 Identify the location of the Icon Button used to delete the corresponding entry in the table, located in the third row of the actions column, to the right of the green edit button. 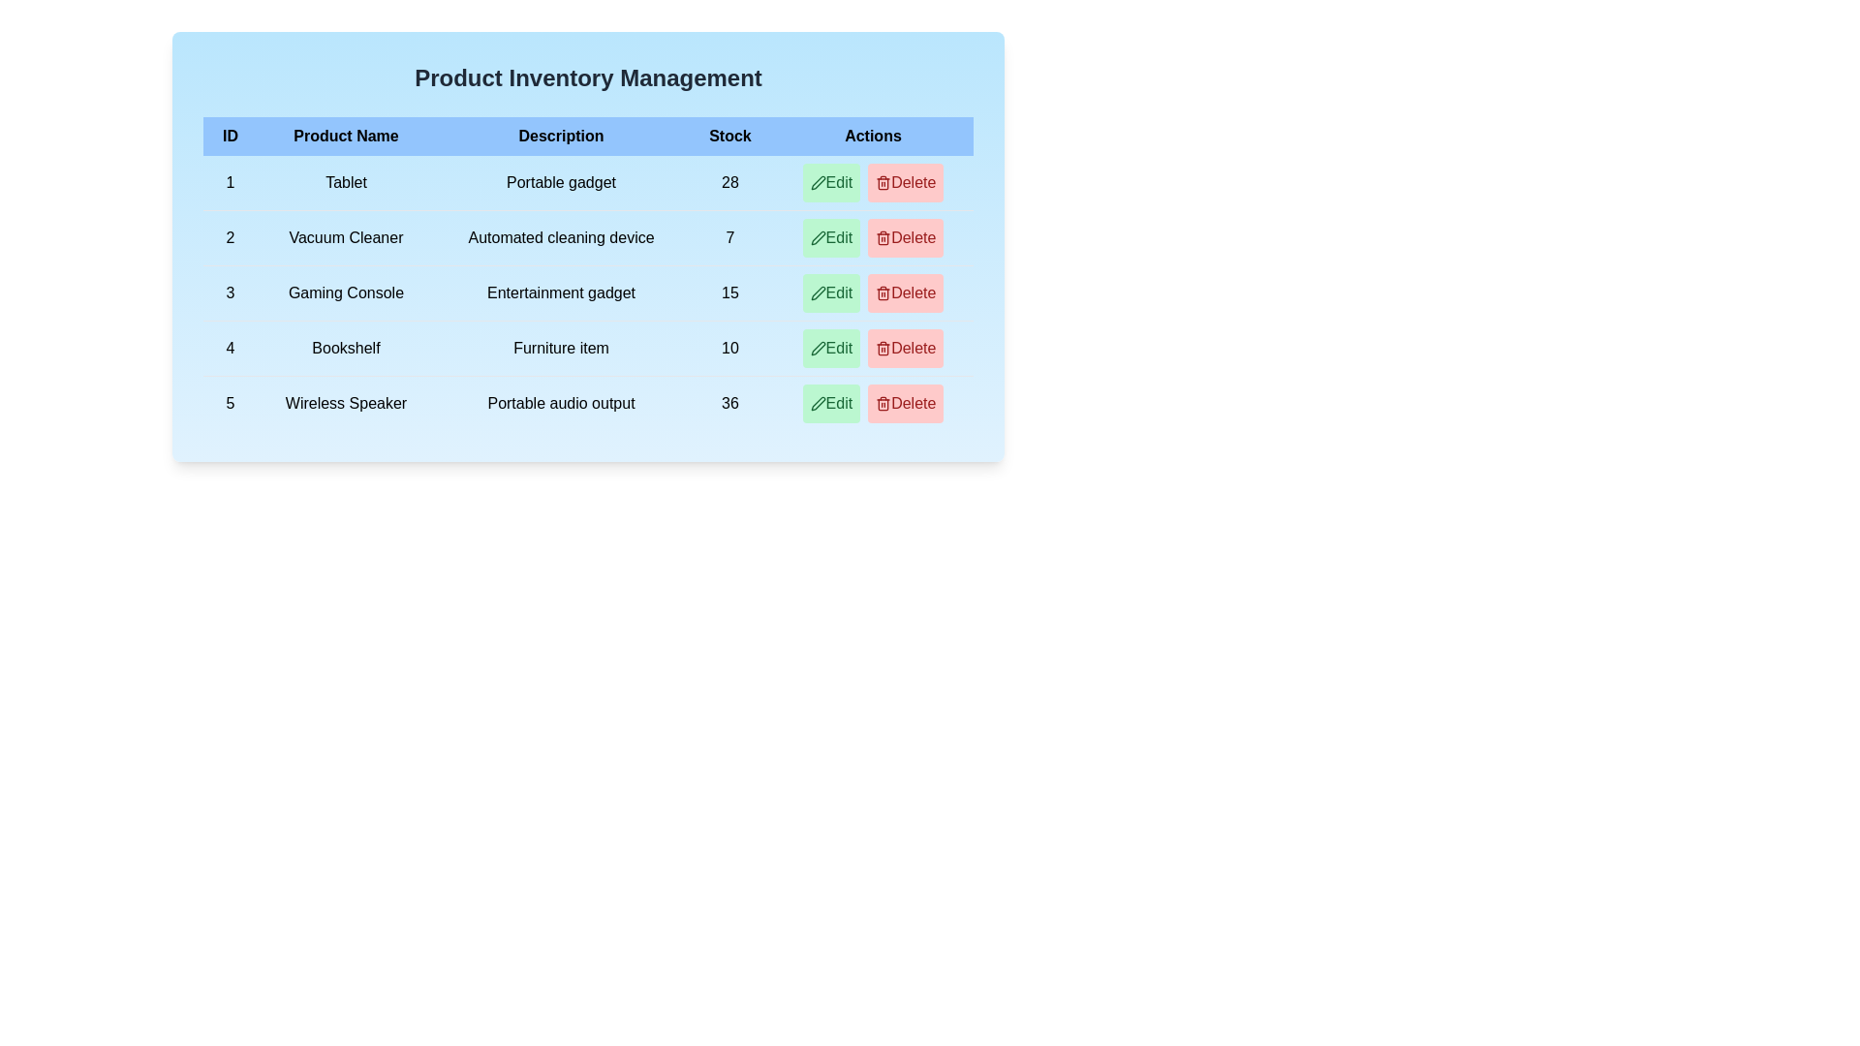
(883, 293).